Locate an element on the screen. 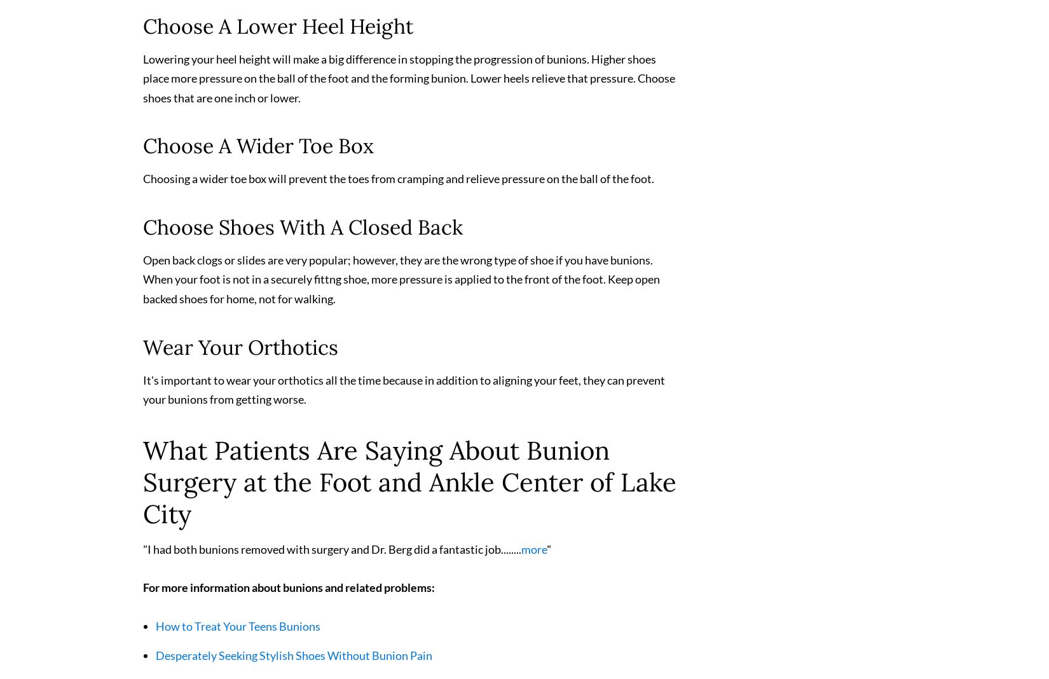 Image resolution: width=1049 pixels, height=679 pixels. 'more' is located at coordinates (521, 554).